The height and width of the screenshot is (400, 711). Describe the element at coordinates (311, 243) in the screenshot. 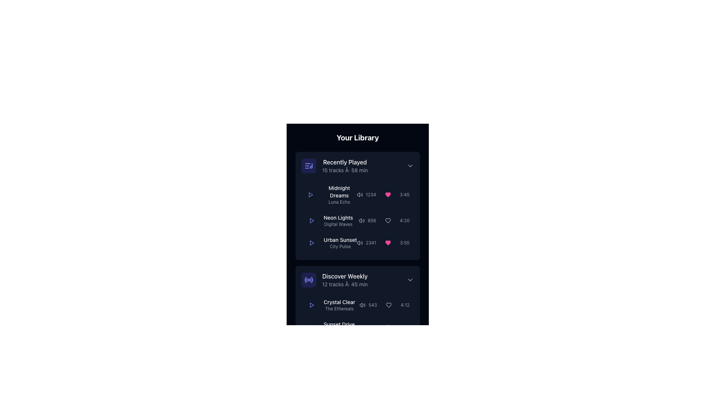

I see `the play button for 'Urban Sunset' located in the 'Recently Played' section` at that location.